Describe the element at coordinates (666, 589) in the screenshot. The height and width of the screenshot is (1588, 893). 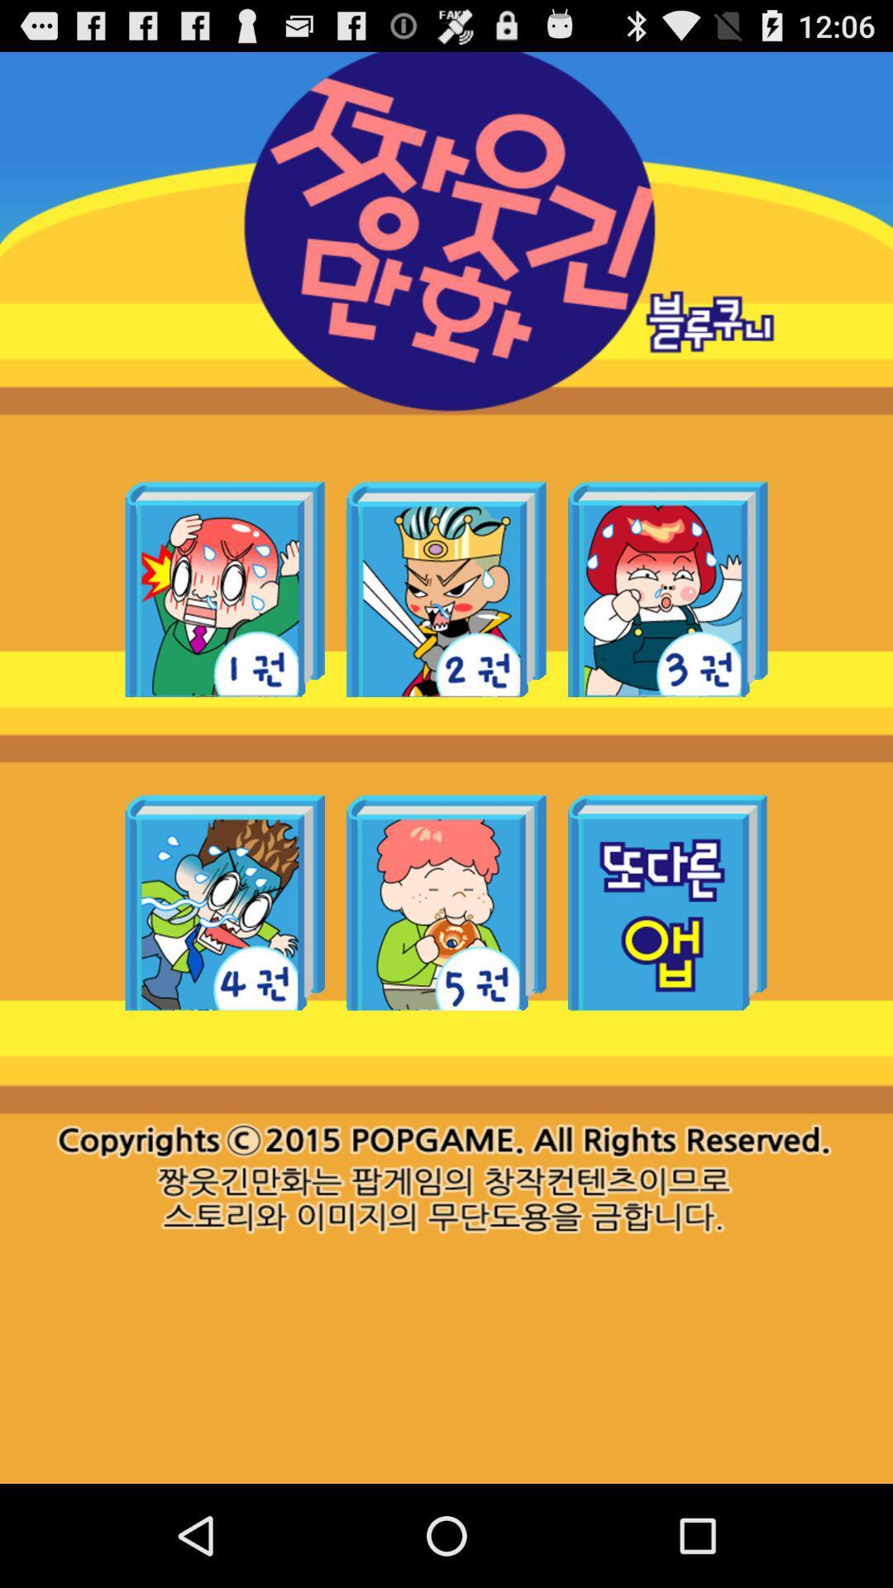
I see `choose this particular popgame` at that location.